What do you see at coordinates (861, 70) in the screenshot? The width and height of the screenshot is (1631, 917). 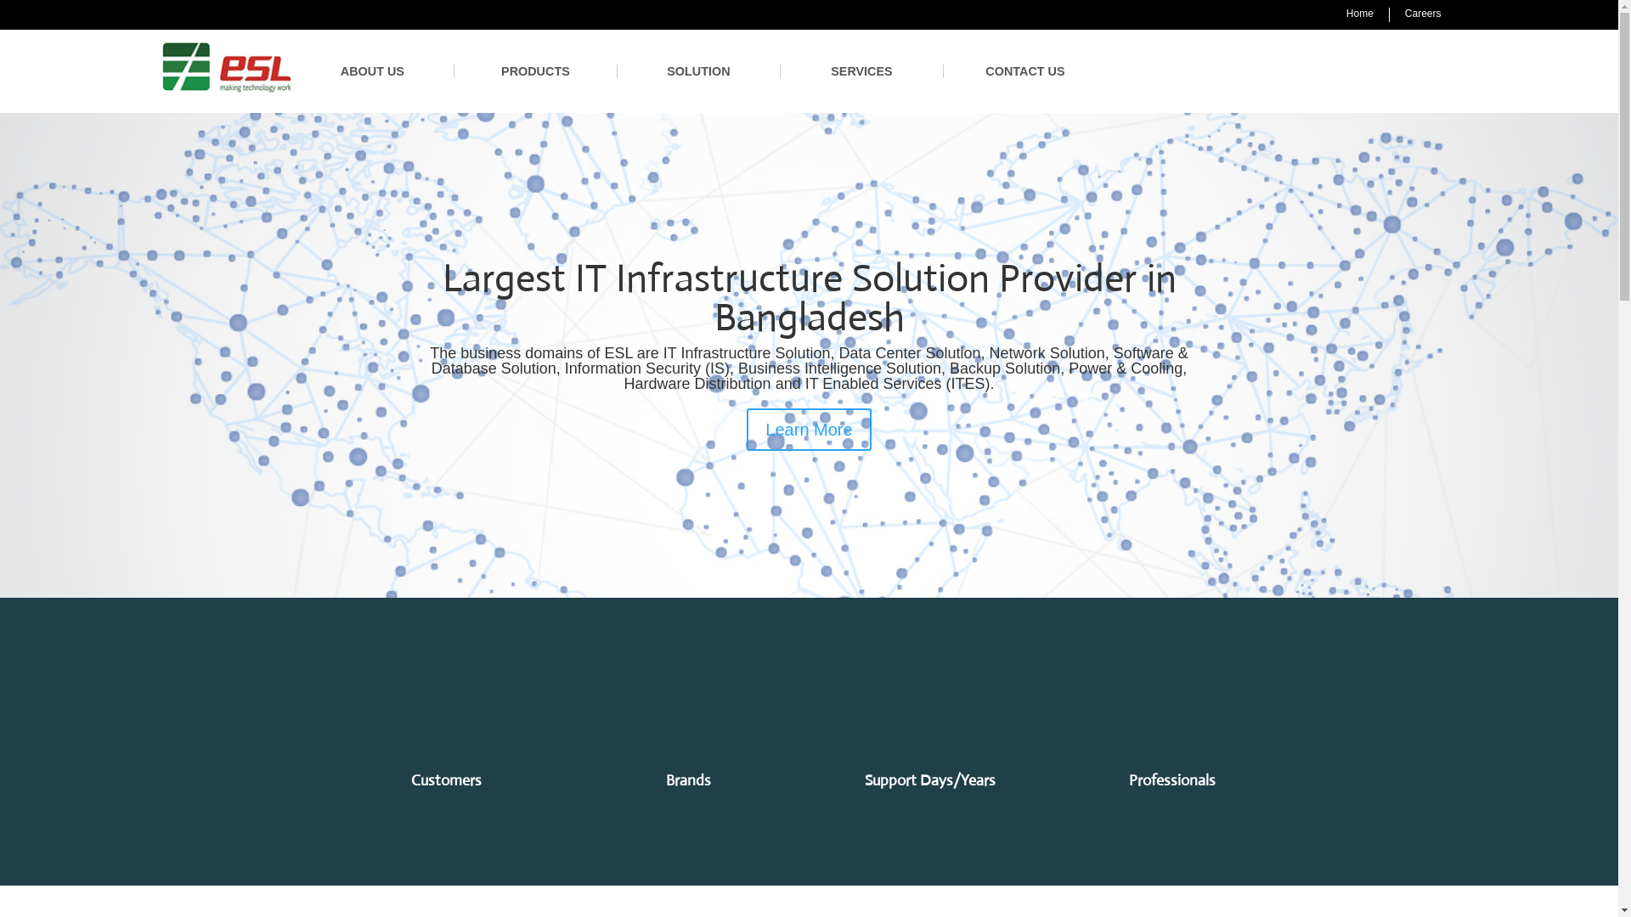 I see `'SERVICES'` at bounding box center [861, 70].